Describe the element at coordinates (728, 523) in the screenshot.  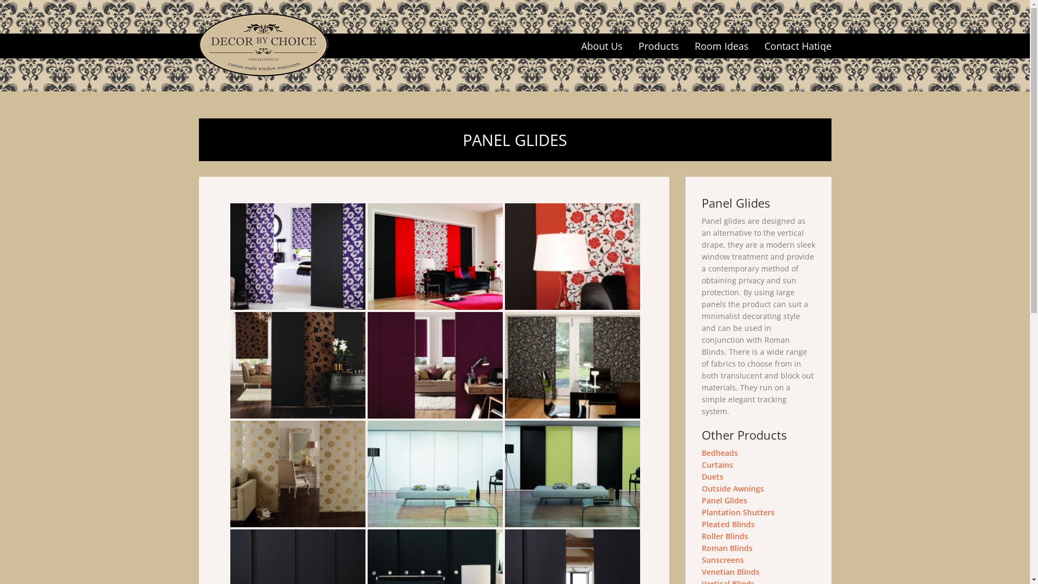
I see `'Pleated Blinds'` at that location.